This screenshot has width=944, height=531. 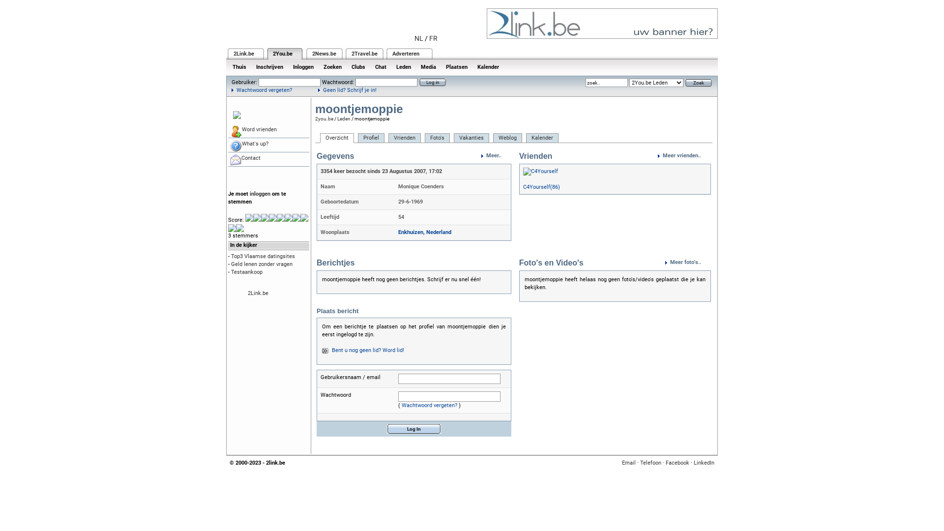 What do you see at coordinates (263, 256) in the screenshot?
I see `'Top3 Vlaamse datingsites'` at bounding box center [263, 256].